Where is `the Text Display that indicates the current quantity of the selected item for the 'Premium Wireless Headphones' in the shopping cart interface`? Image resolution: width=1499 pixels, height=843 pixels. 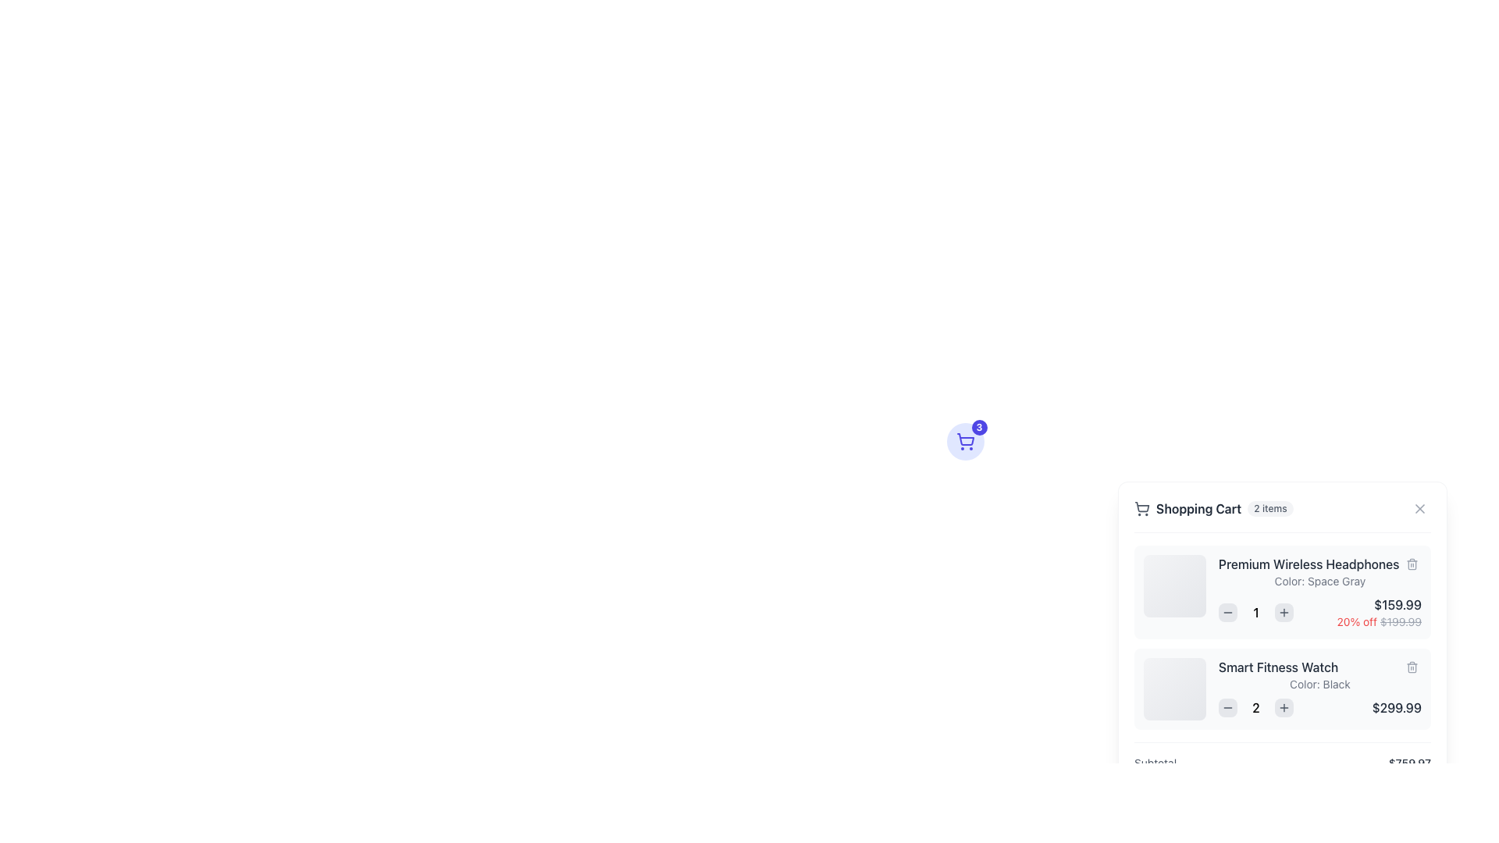 the Text Display that indicates the current quantity of the selected item for the 'Premium Wireless Headphones' in the shopping cart interface is located at coordinates (1255, 612).